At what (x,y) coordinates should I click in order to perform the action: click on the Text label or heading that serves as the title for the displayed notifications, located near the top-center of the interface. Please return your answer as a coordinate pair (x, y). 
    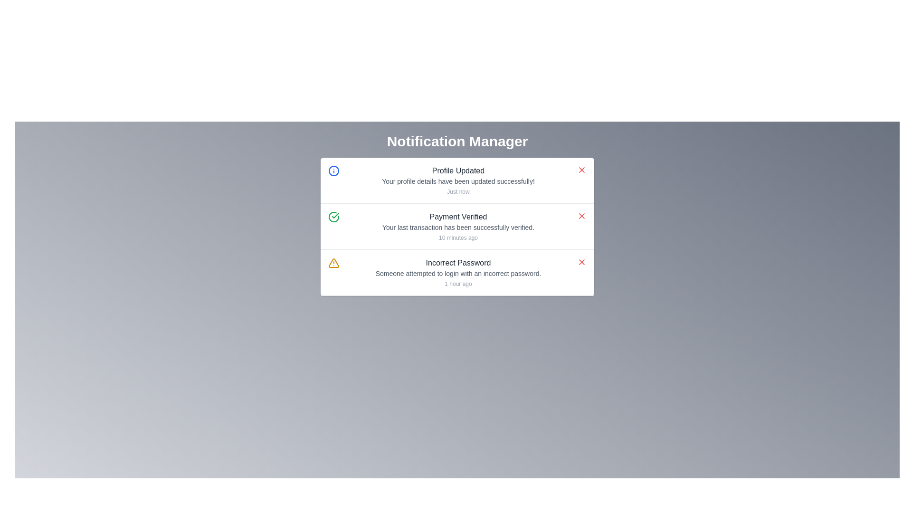
    Looking at the image, I should click on (457, 141).